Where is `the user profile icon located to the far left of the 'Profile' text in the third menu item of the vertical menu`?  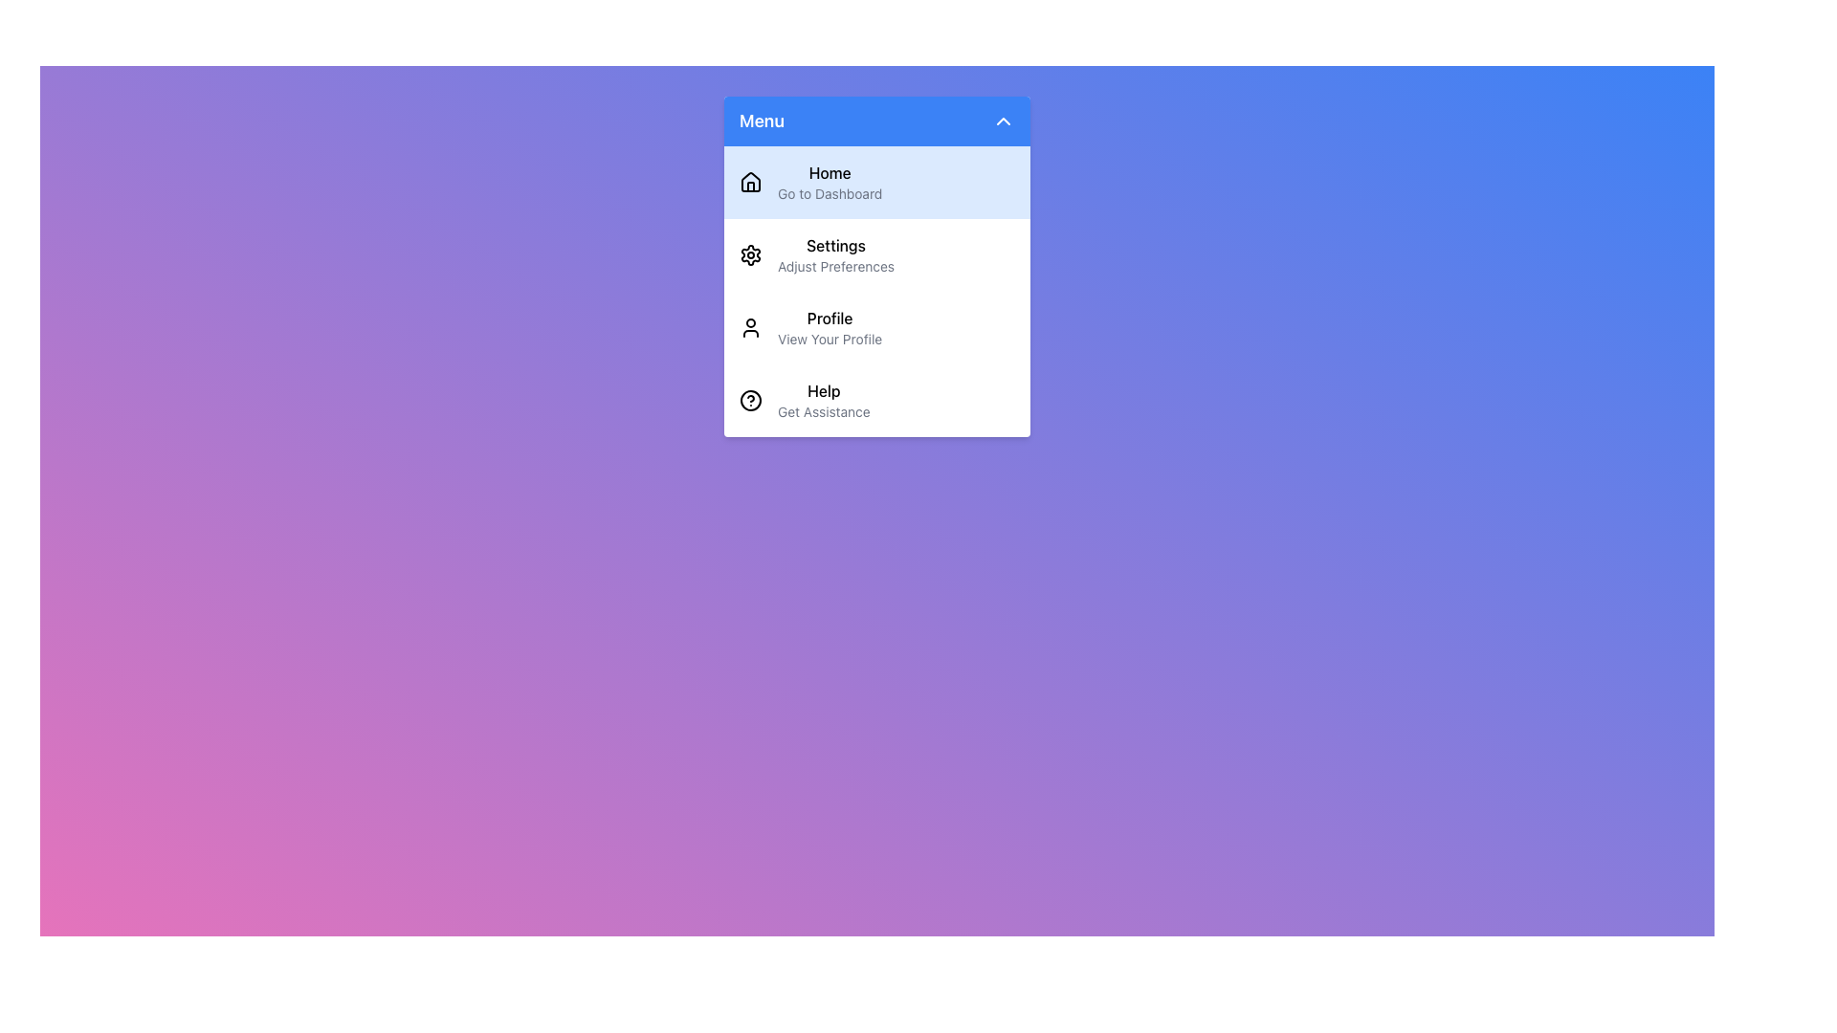 the user profile icon located to the far left of the 'Profile' text in the third menu item of the vertical menu is located at coordinates (750, 327).